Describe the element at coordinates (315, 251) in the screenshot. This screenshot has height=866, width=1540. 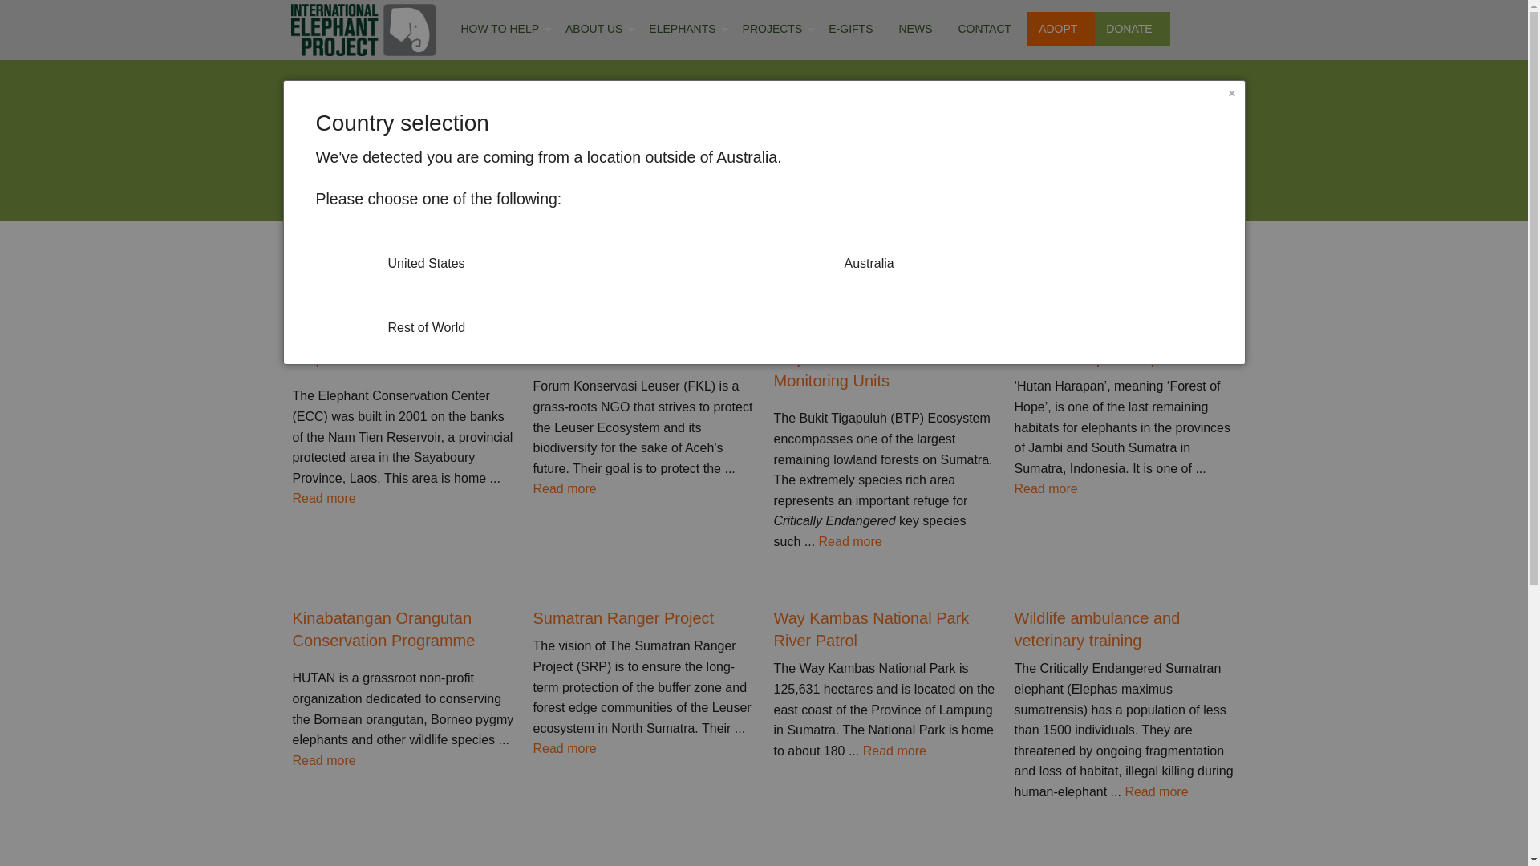
I see `'United States'` at that location.